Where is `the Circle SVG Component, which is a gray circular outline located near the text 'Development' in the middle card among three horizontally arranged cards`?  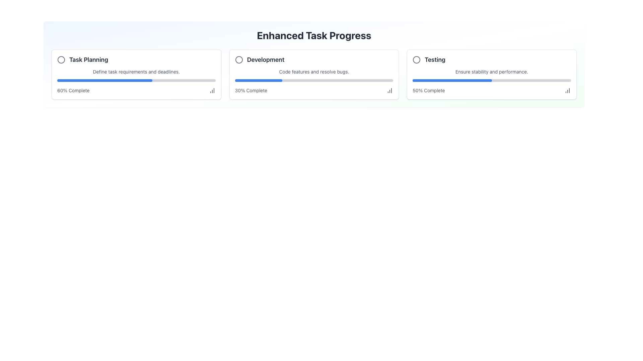
the Circle SVG Component, which is a gray circular outline located near the text 'Development' in the middle card among three horizontally arranged cards is located at coordinates (239, 59).